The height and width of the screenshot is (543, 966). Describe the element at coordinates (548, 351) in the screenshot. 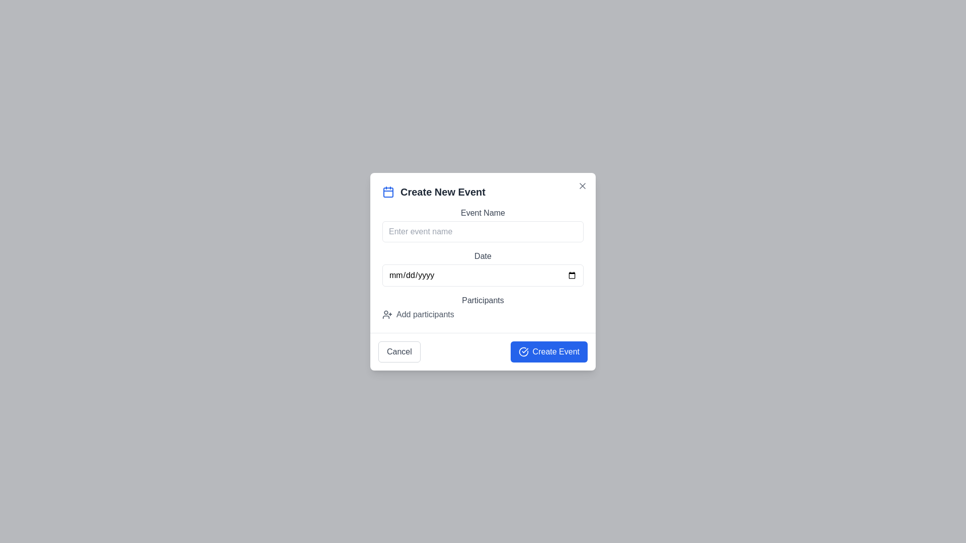

I see `the confirm button located at the bottom-right corner of the modal dialog` at that location.